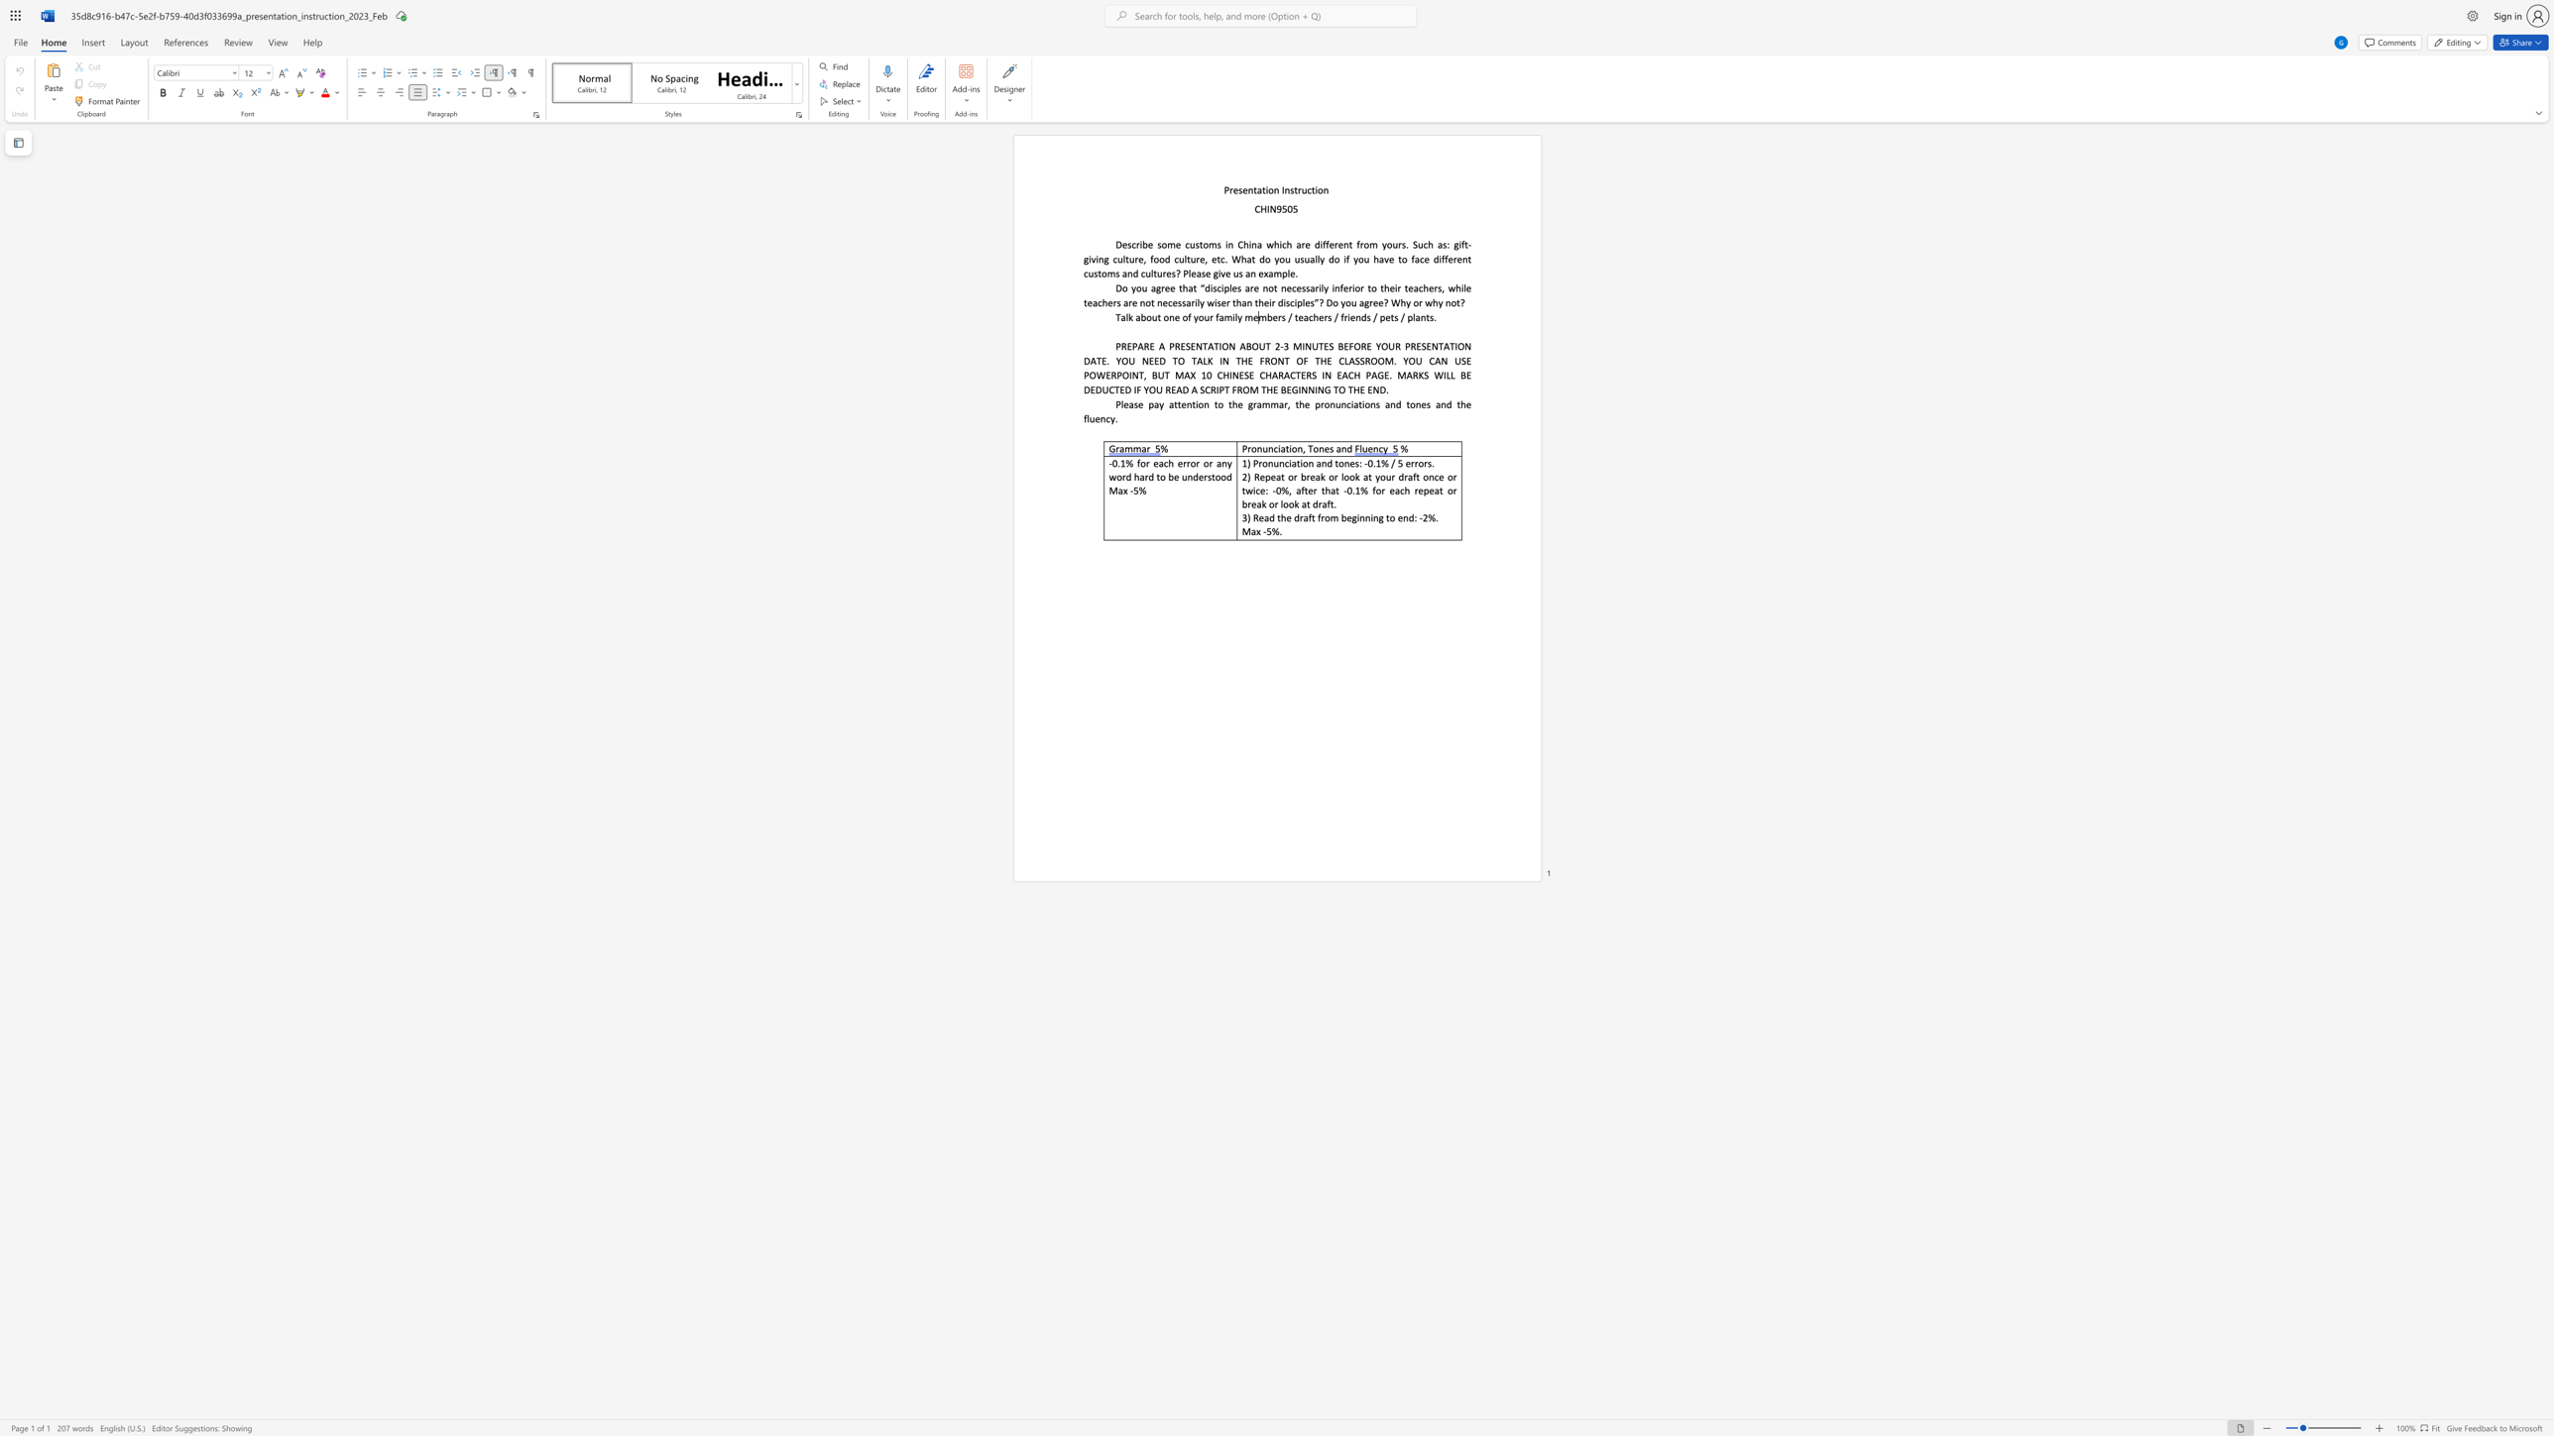  I want to click on the 1th character "N" in the text, so click(1198, 346).